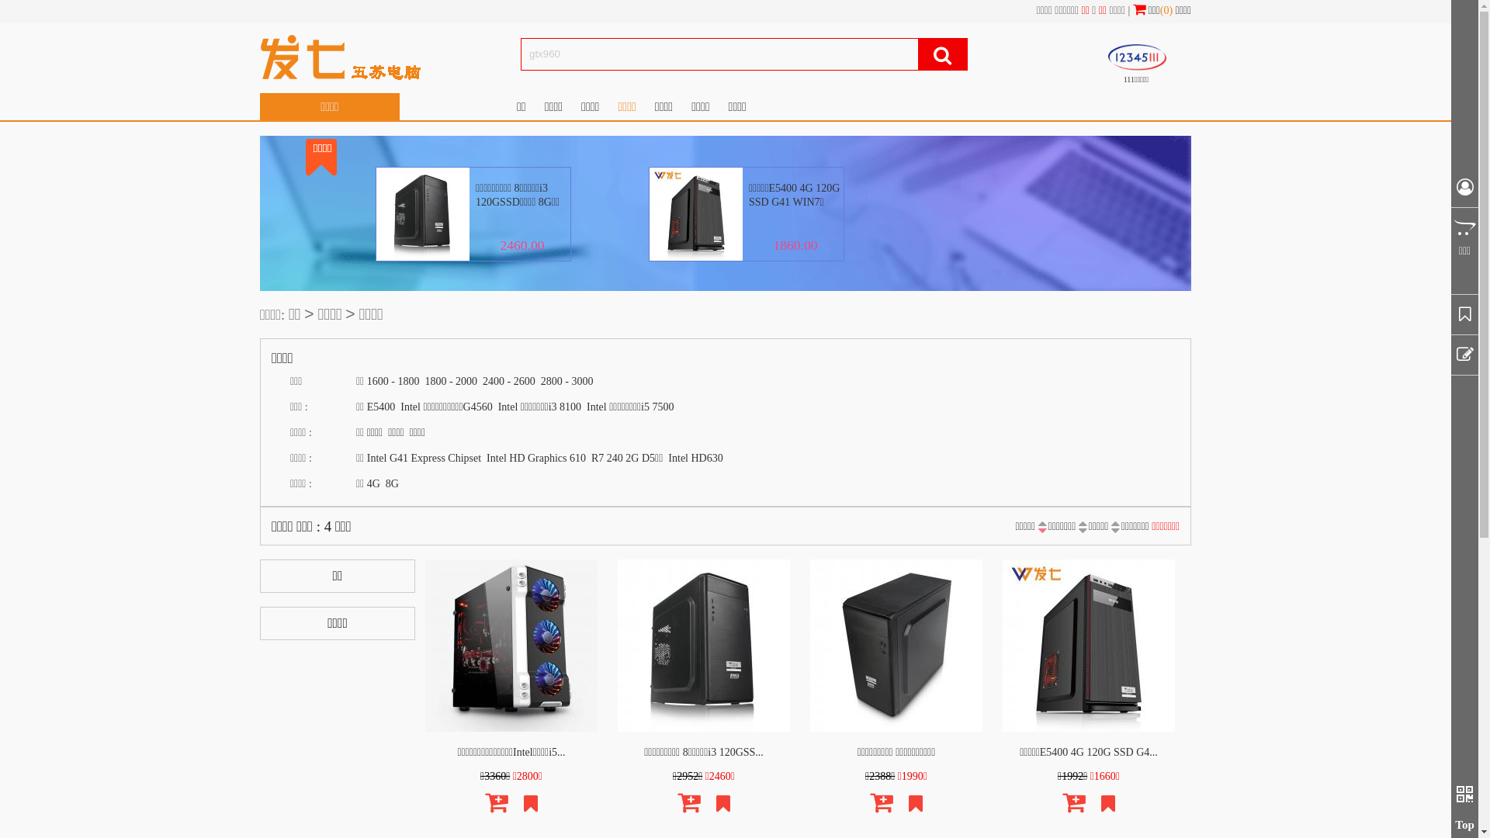  What do you see at coordinates (695, 457) in the screenshot?
I see `'Intel HD630'` at bounding box center [695, 457].